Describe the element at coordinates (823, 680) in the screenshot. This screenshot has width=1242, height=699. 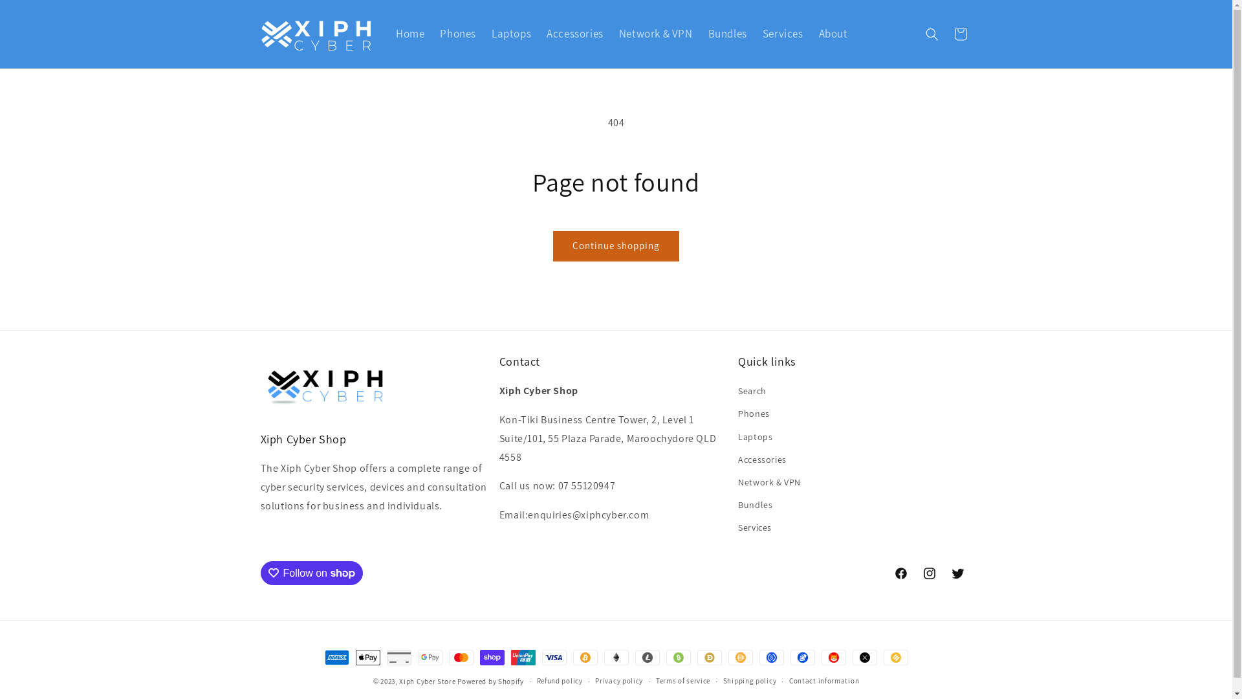
I see `'Contact information'` at that location.